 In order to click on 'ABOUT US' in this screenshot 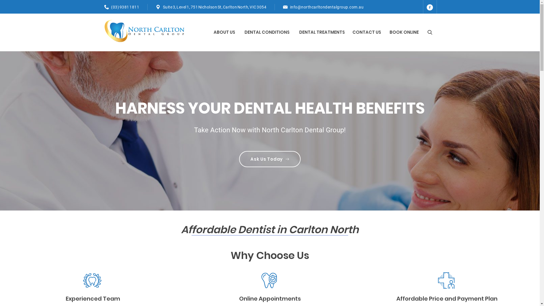, I will do `click(224, 32)`.